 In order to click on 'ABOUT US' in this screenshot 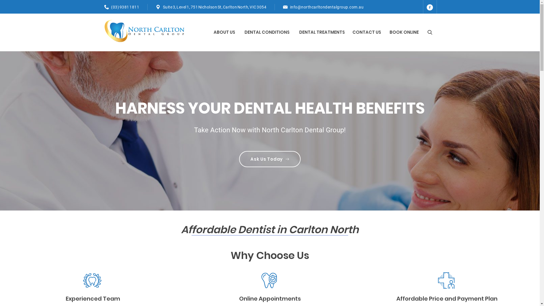, I will do `click(224, 32)`.